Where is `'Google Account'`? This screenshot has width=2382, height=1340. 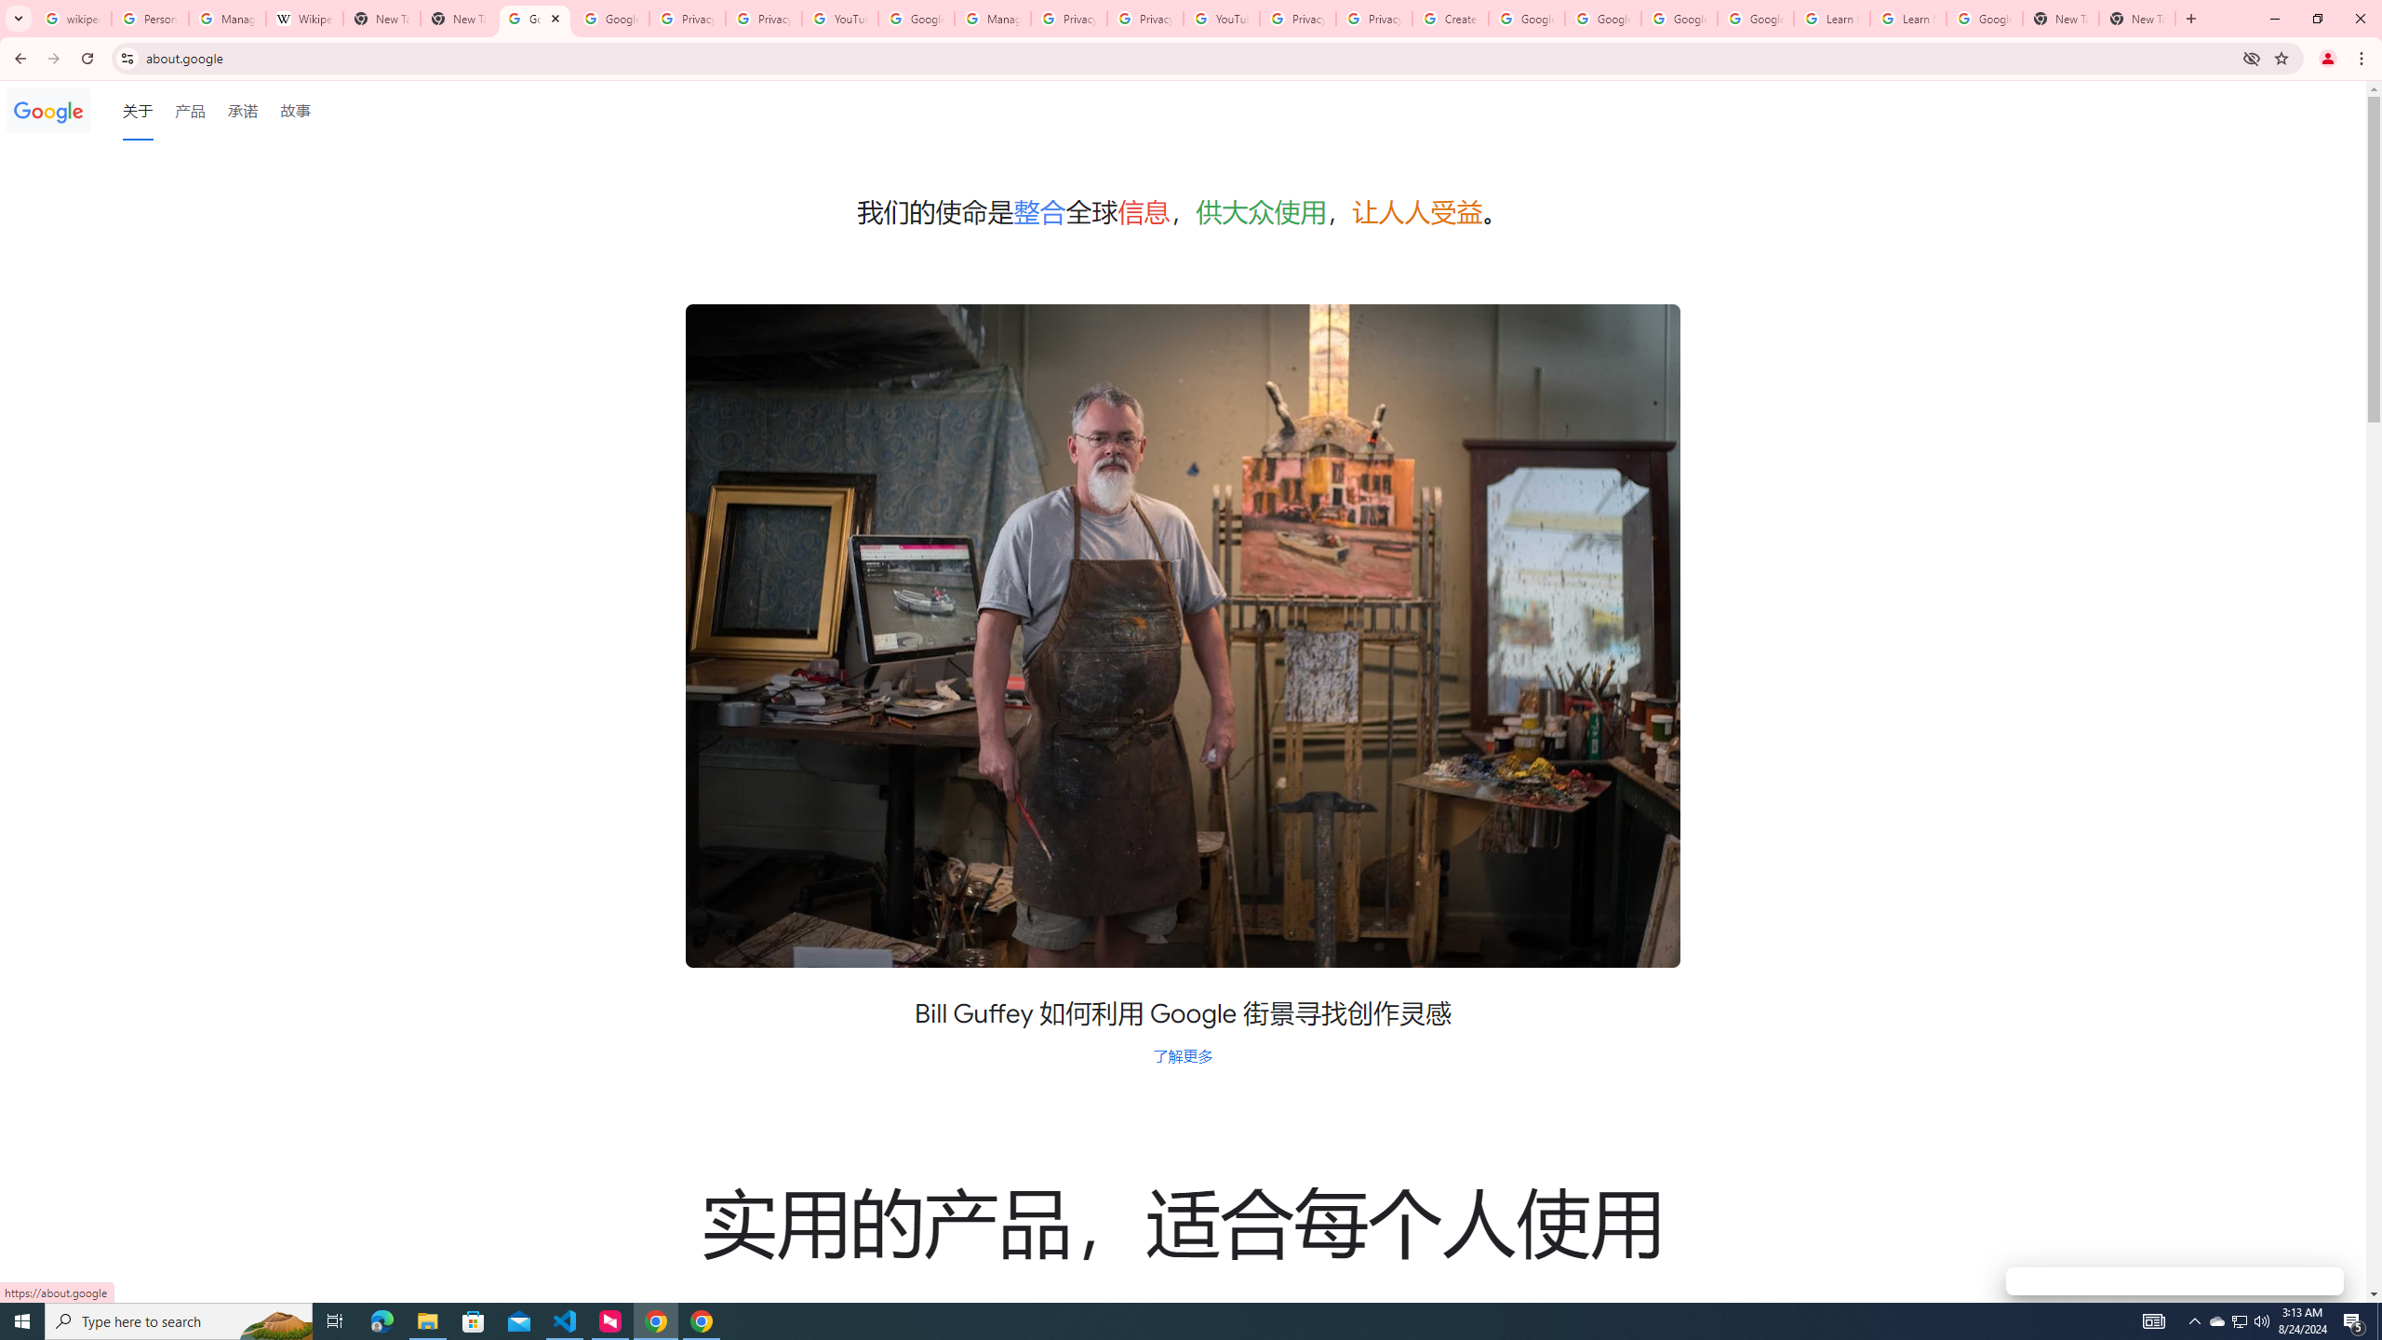 'Google Account' is located at coordinates (1984, 18).